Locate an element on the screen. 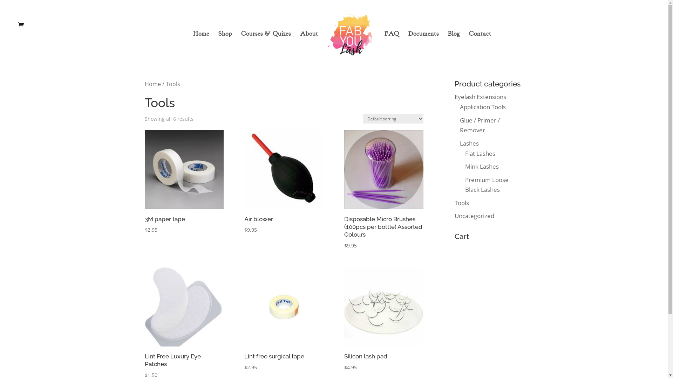 The height and width of the screenshot is (378, 673). 'Shop' is located at coordinates (225, 45).